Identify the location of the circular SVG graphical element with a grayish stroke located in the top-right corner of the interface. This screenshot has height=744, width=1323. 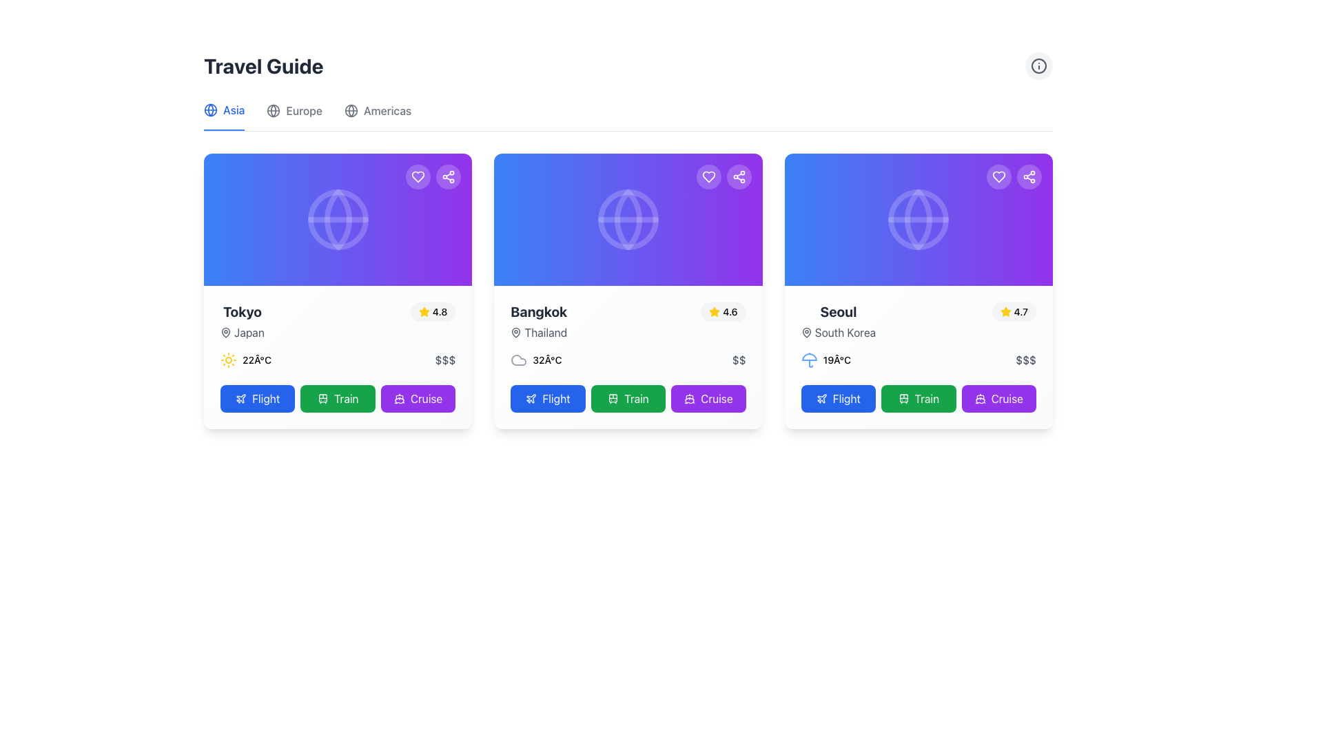
(1038, 66).